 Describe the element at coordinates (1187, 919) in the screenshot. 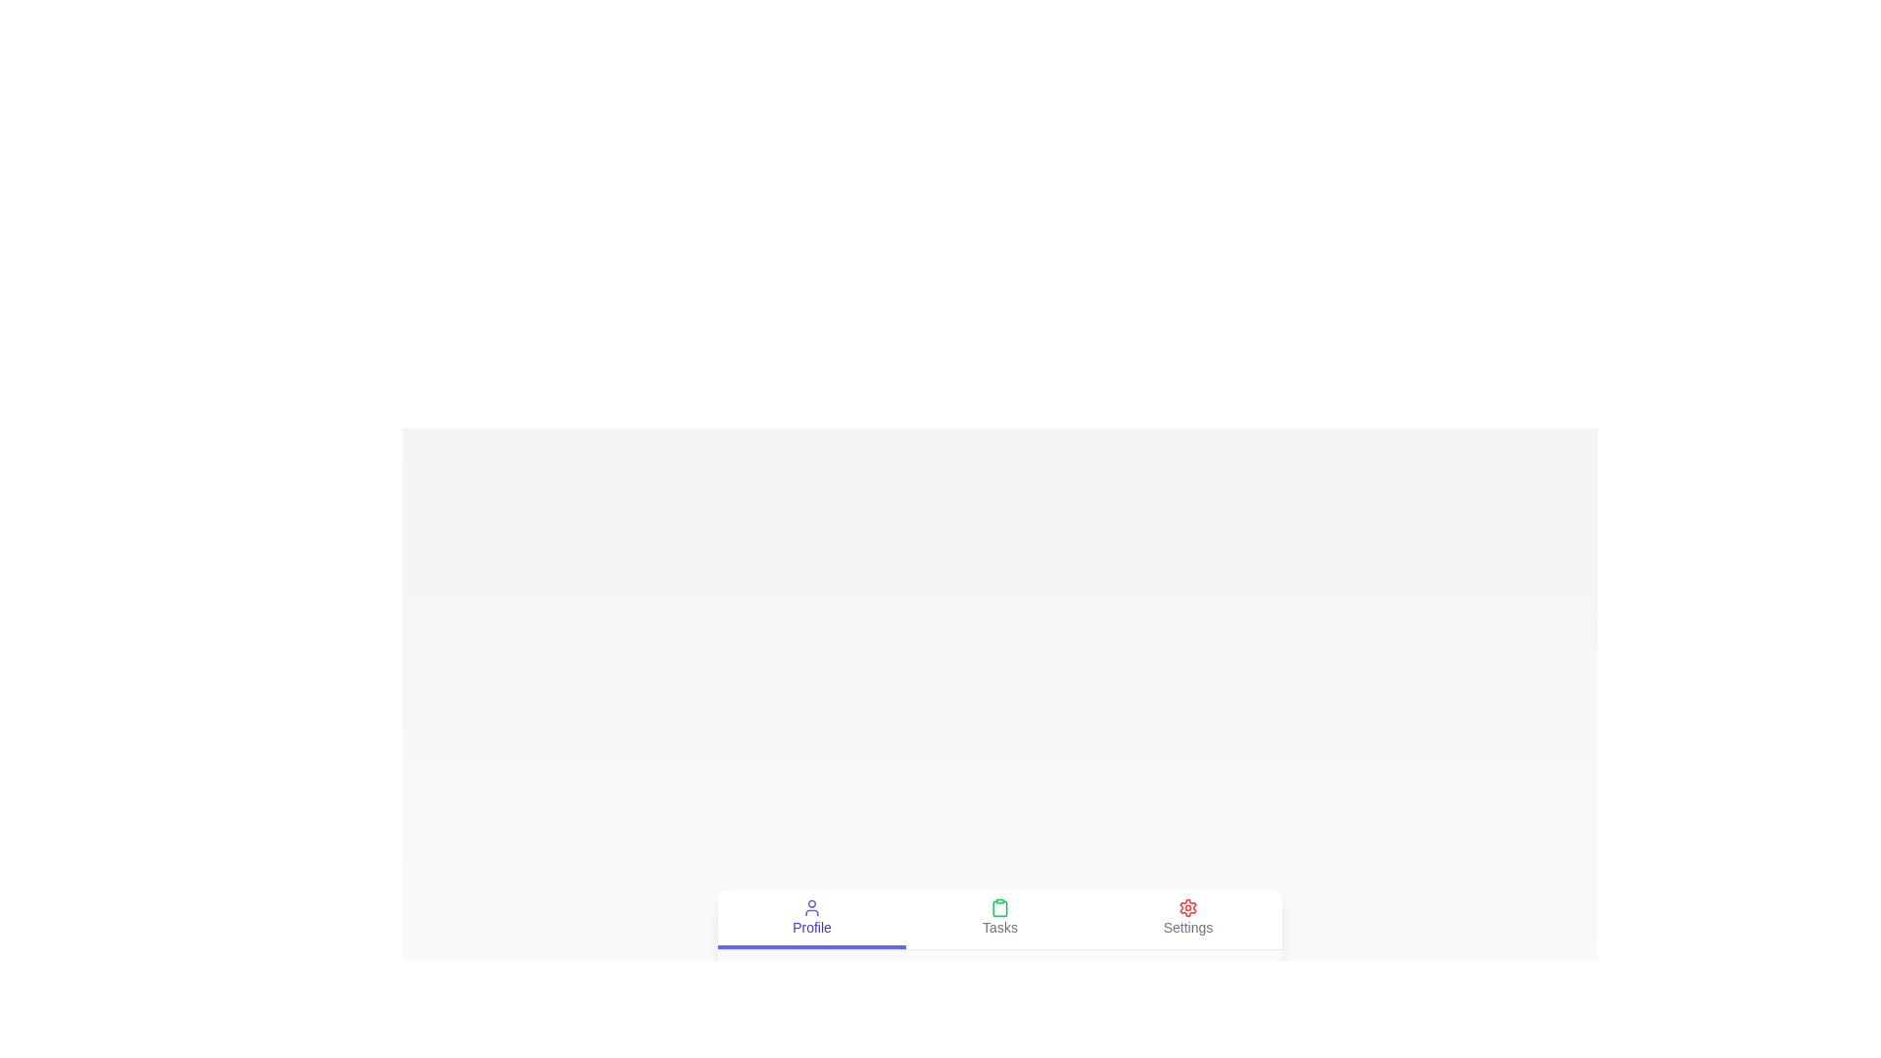

I see `the tab labeled Settings by clicking on it` at that location.